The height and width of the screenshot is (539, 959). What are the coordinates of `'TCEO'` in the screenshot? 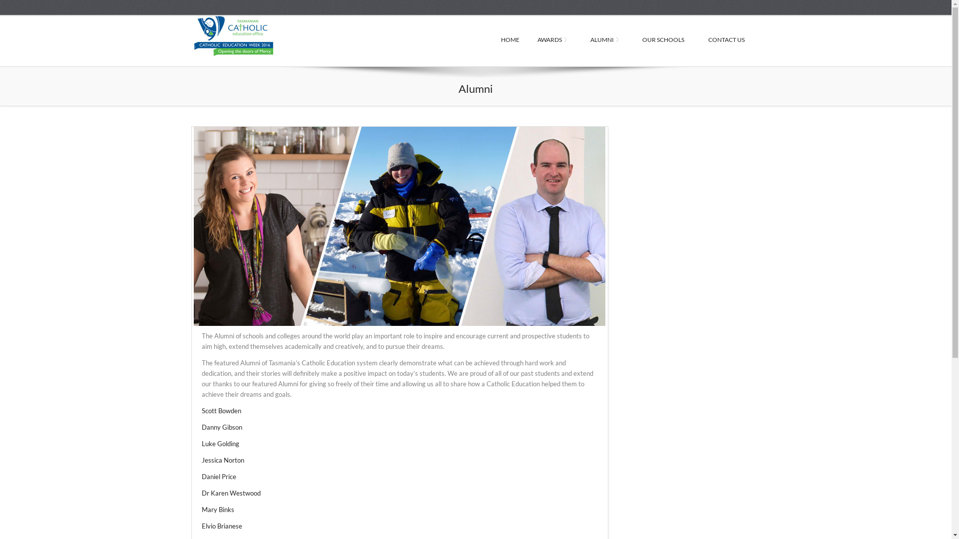 It's located at (261, 35).